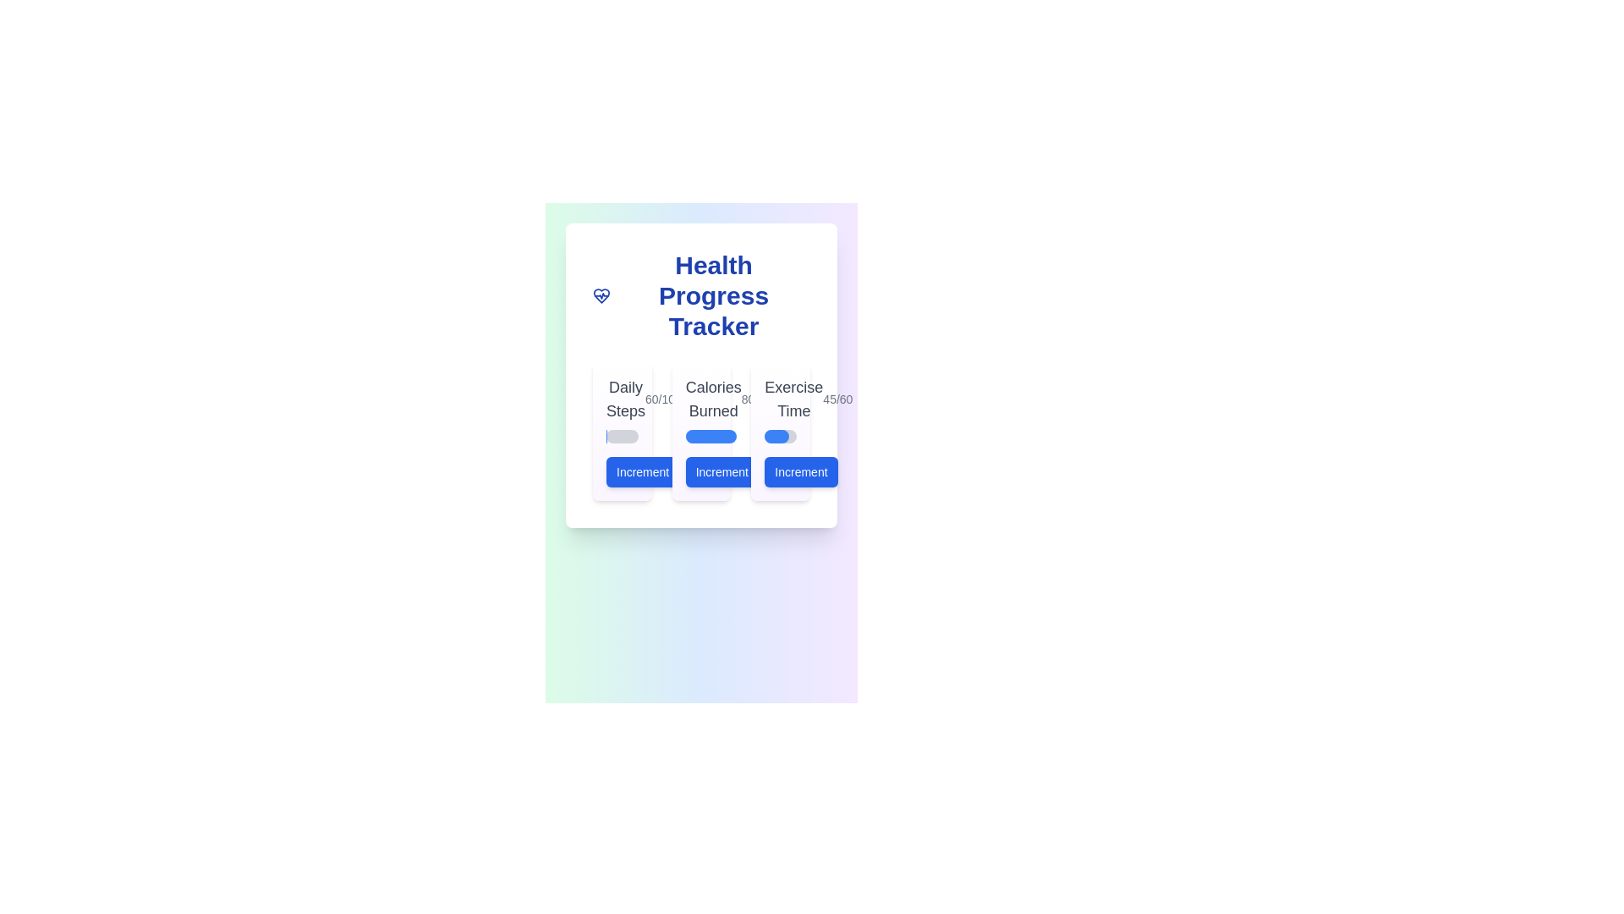 Image resolution: width=1624 pixels, height=914 pixels. What do you see at coordinates (800, 472) in the screenshot?
I see `the 'Increment' button, which is a rectangular button with rounded corners and a blue background, located under the 'Exercise Time' section` at bounding box center [800, 472].